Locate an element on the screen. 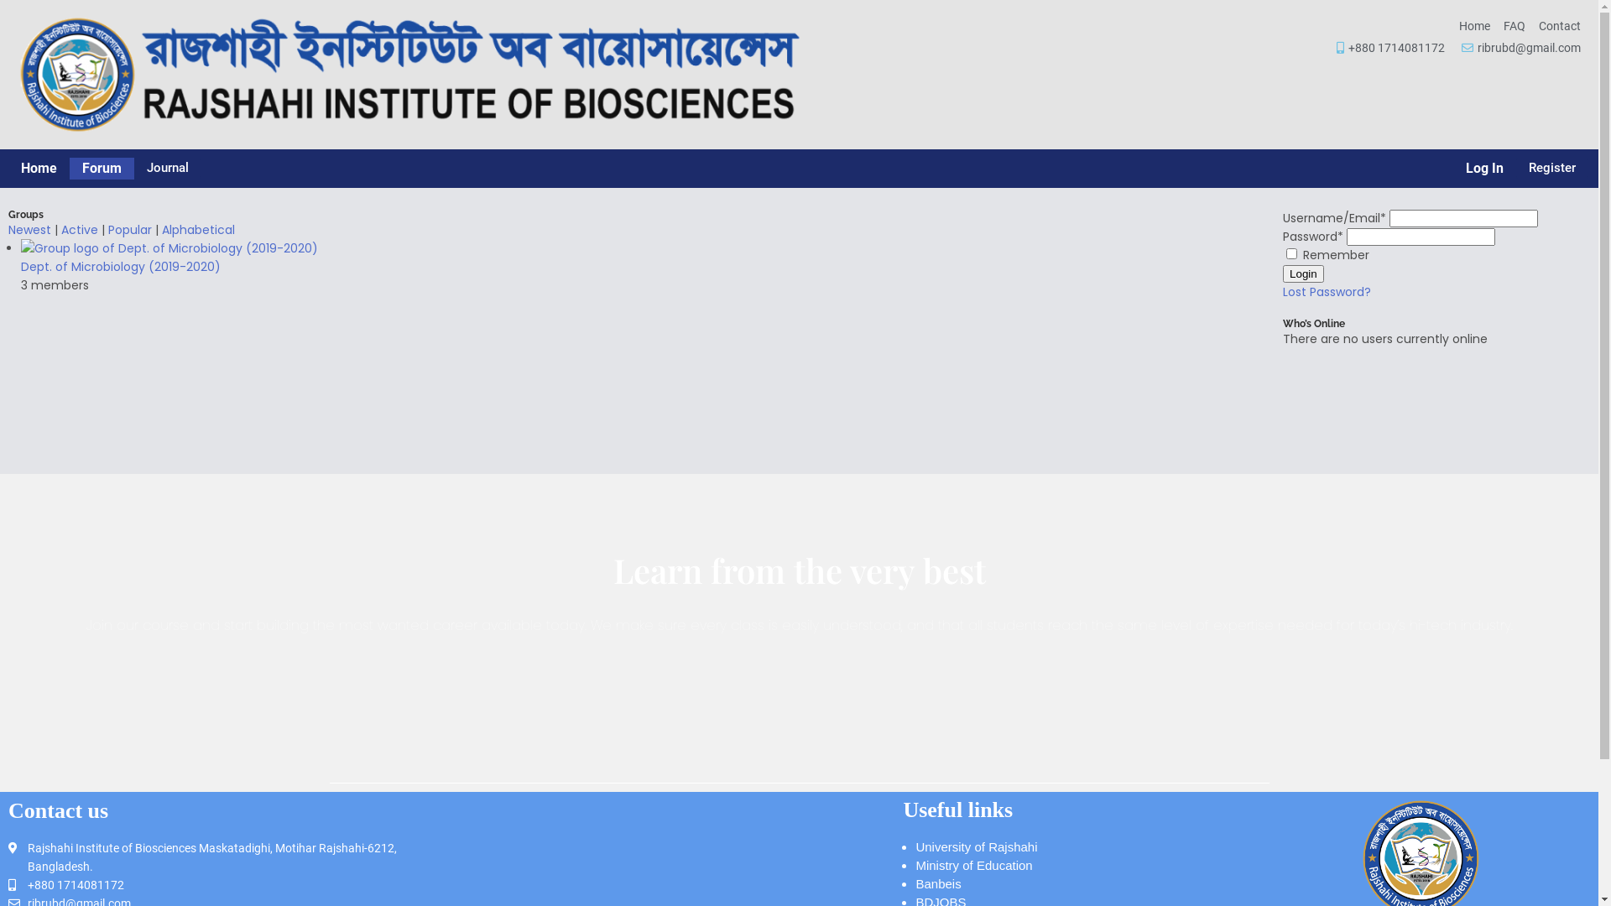 This screenshot has width=1611, height=906. 'Dept. of Microbiology (2019-2020)' is located at coordinates (120, 265).